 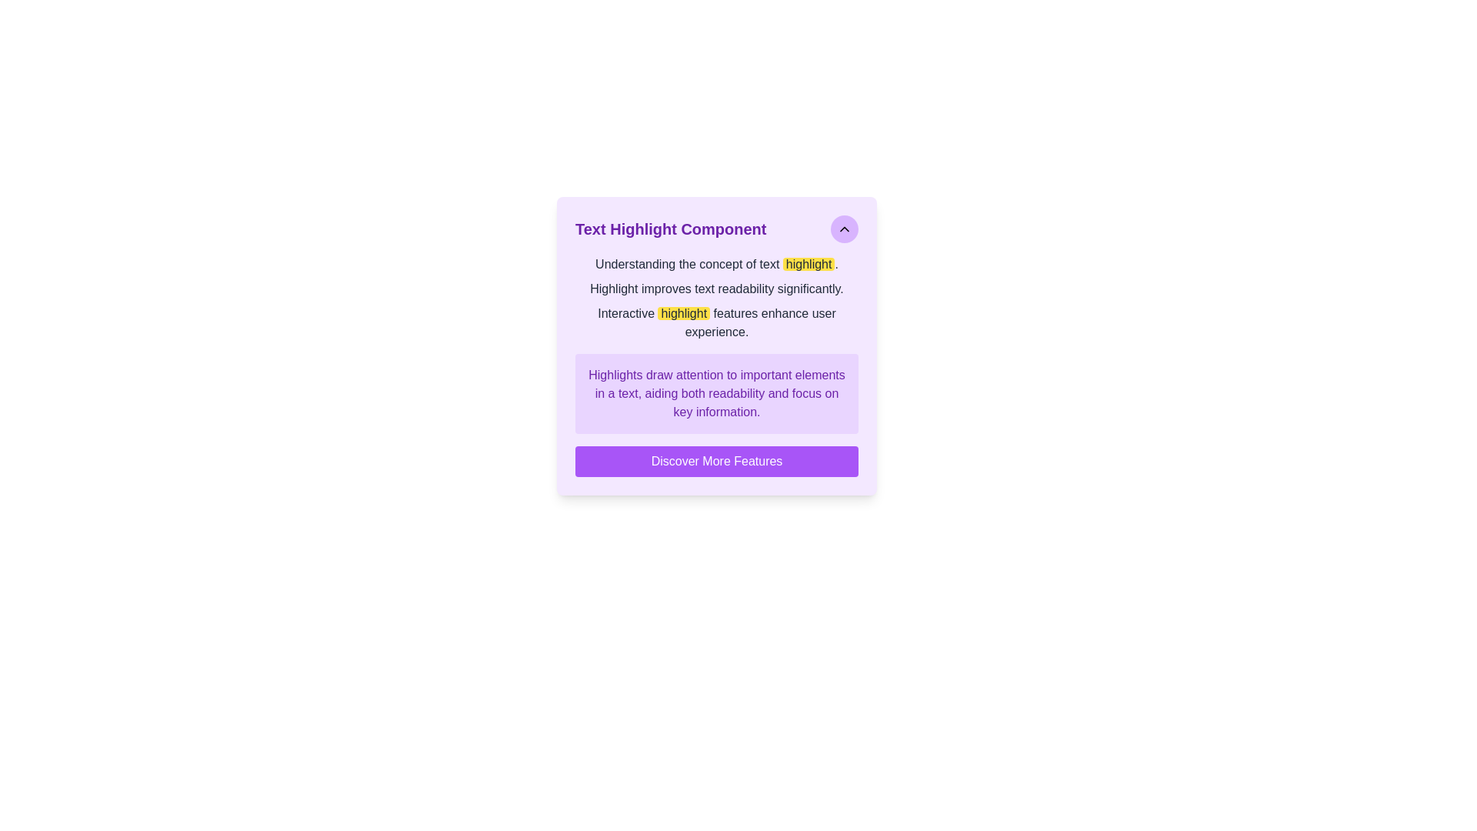 What do you see at coordinates (715, 263) in the screenshot?
I see `the first line of static text that introduces the concept of text highlighting, located beneath the title 'Text Highlight Component'` at bounding box center [715, 263].